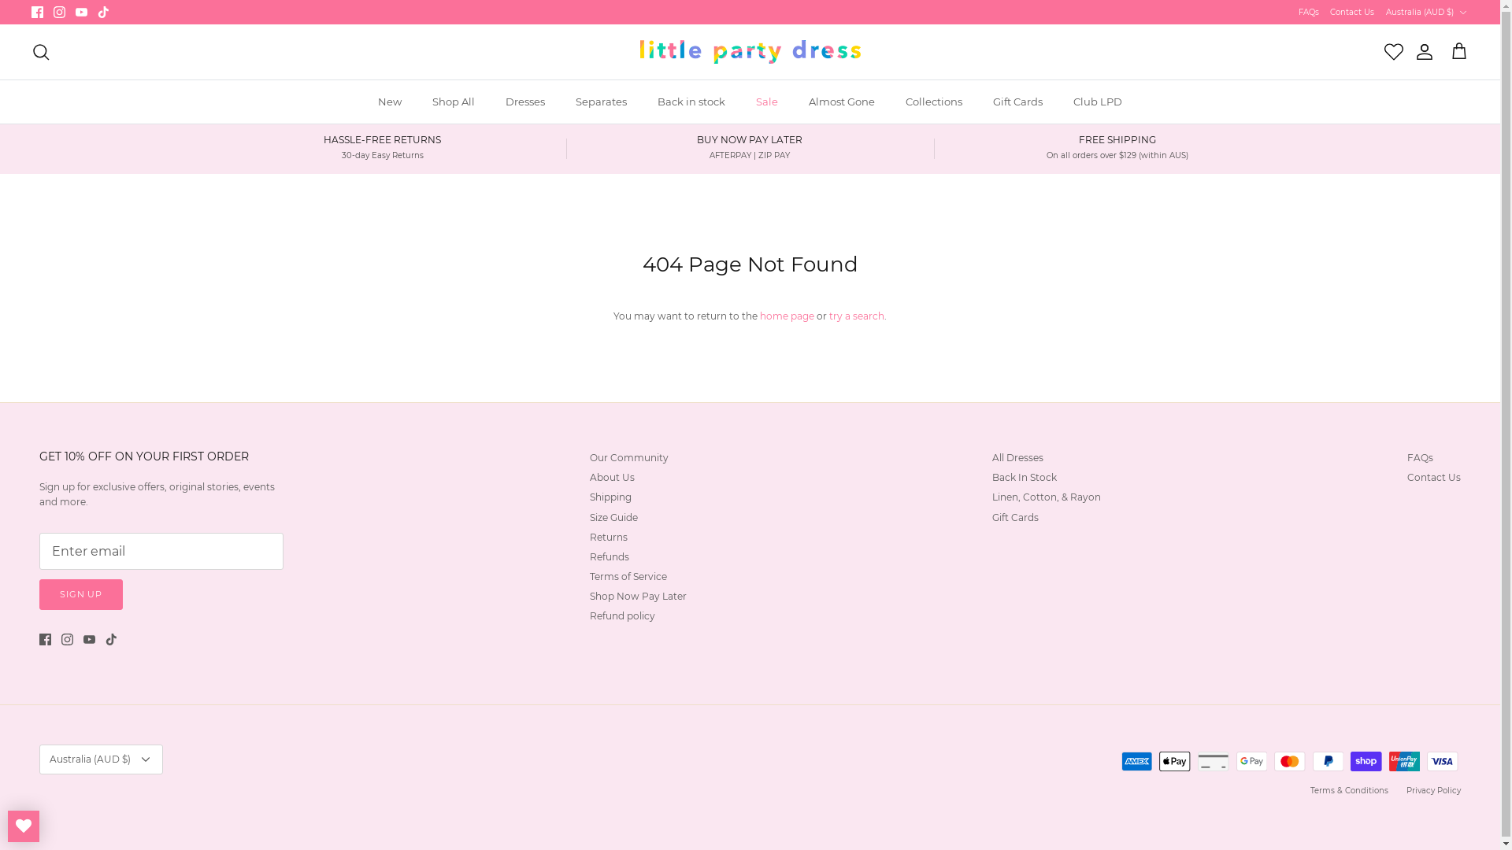 Image resolution: width=1512 pixels, height=850 pixels. I want to click on 'Our Community', so click(628, 457).